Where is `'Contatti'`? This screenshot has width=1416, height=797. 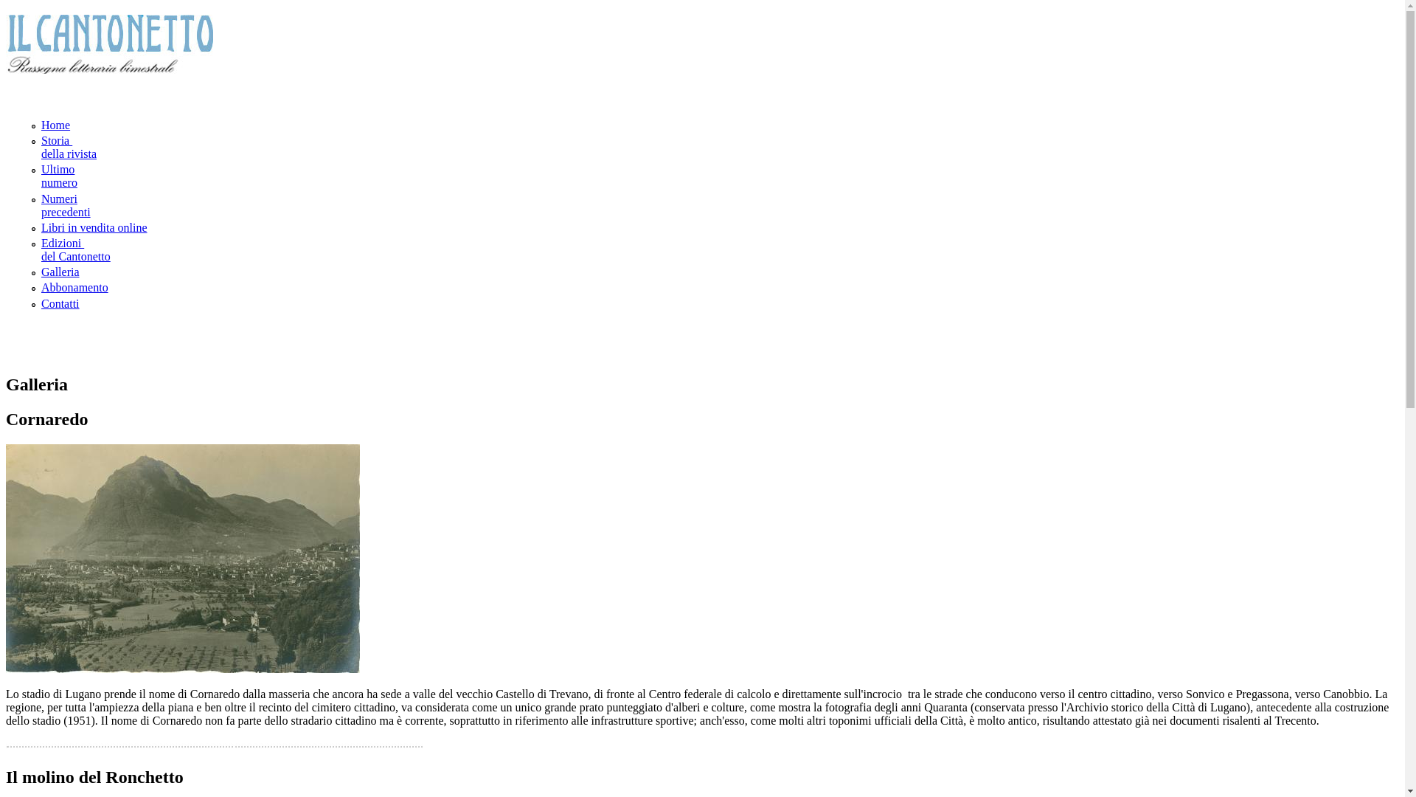
'Contatti' is located at coordinates (59, 302).